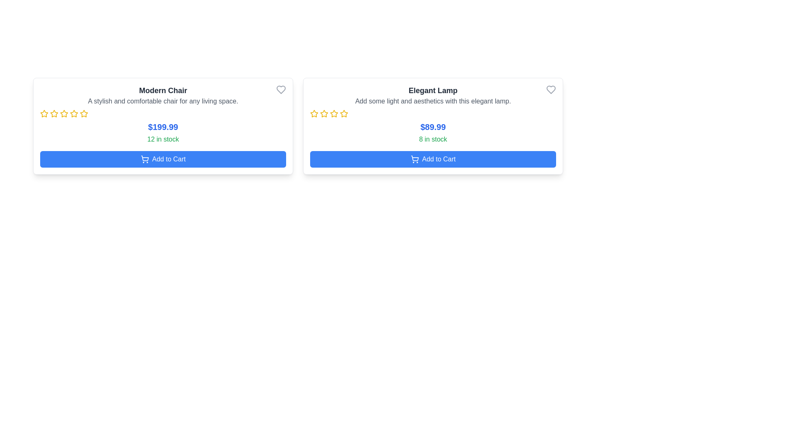 This screenshot has width=795, height=447. What do you see at coordinates (433, 101) in the screenshot?
I see `the product description text located directly below the title 'Elegant Lamp' within the product card, which provides additional contextual information about the lamp's aesthetic and functional qualities` at bounding box center [433, 101].